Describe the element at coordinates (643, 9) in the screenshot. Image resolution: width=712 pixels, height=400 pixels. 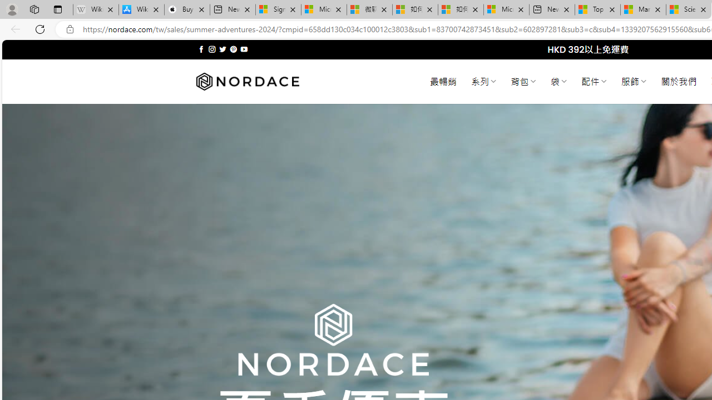
I see `'Marine life - MSN'` at that location.